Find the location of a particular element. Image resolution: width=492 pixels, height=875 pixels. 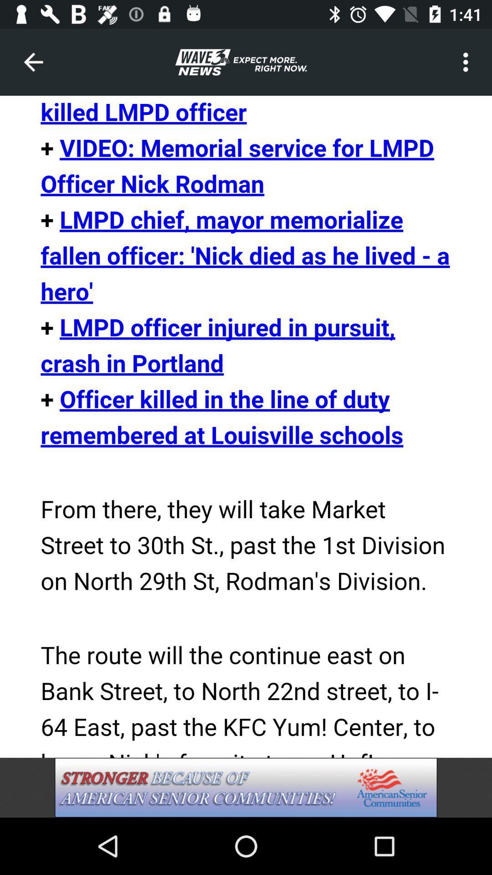

launch advertisement is located at coordinates (246, 787).